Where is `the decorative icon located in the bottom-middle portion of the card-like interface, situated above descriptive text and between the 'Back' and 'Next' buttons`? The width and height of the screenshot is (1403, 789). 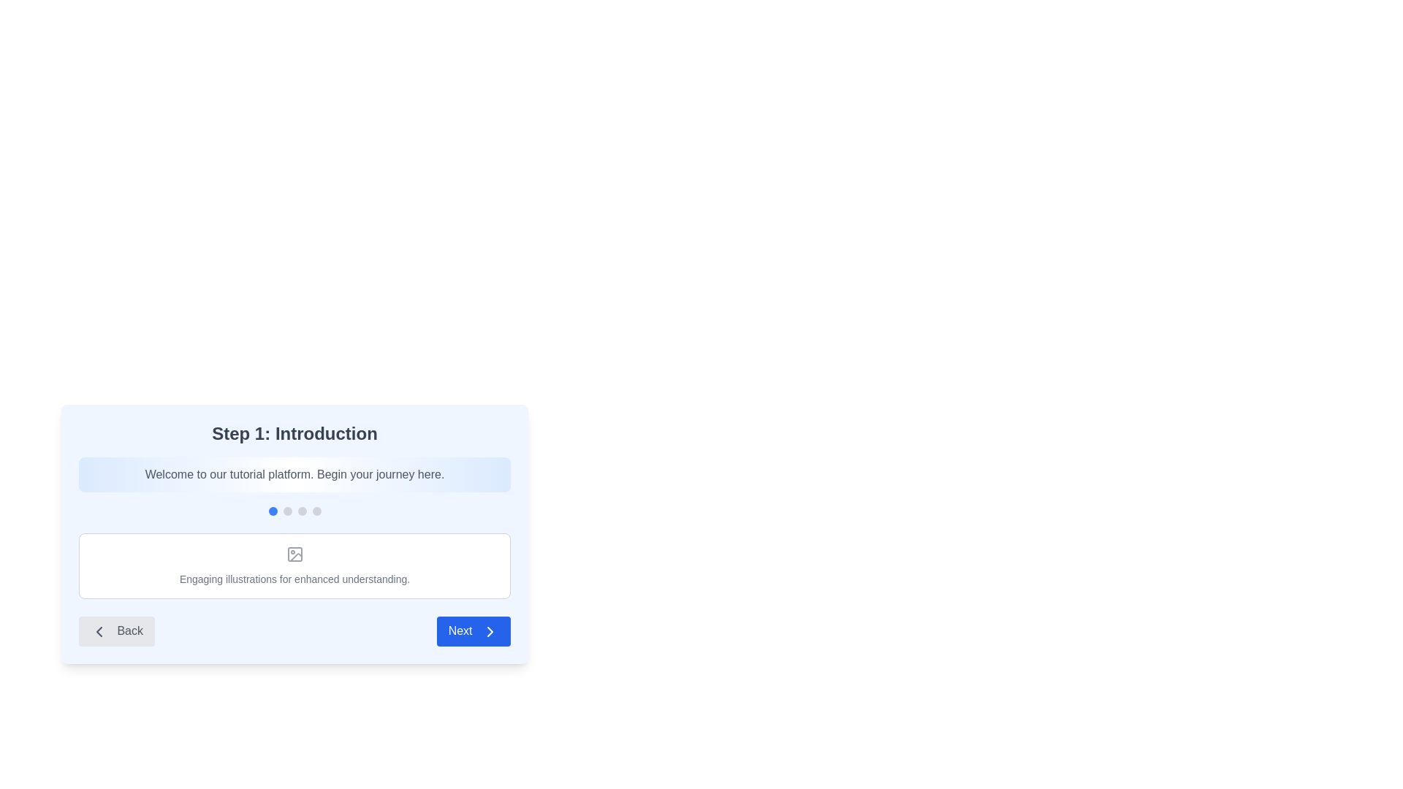
the decorative icon located in the bottom-middle portion of the card-like interface, situated above descriptive text and between the 'Back' and 'Next' buttons is located at coordinates (294, 554).